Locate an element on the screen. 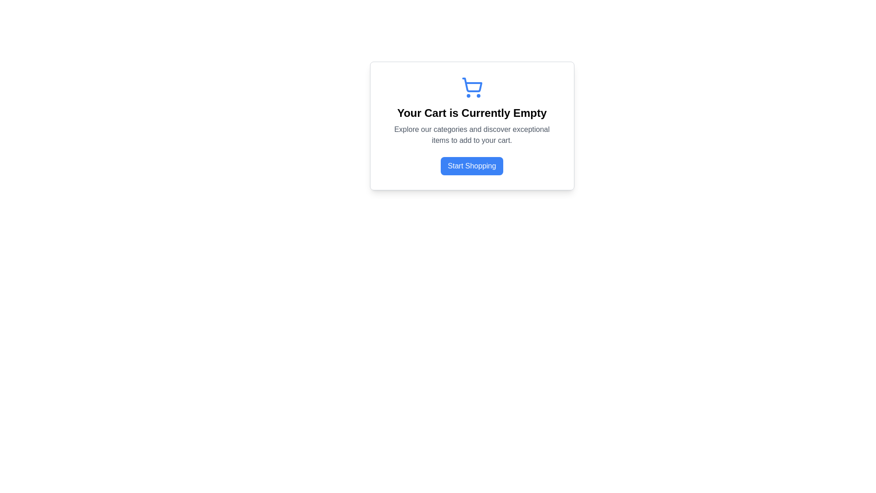 Image resolution: width=876 pixels, height=493 pixels. the Shopping Cart Body icon, which represents the central rectangular part of the shopping cart icon indicating an empty cart state is located at coordinates (472, 85).